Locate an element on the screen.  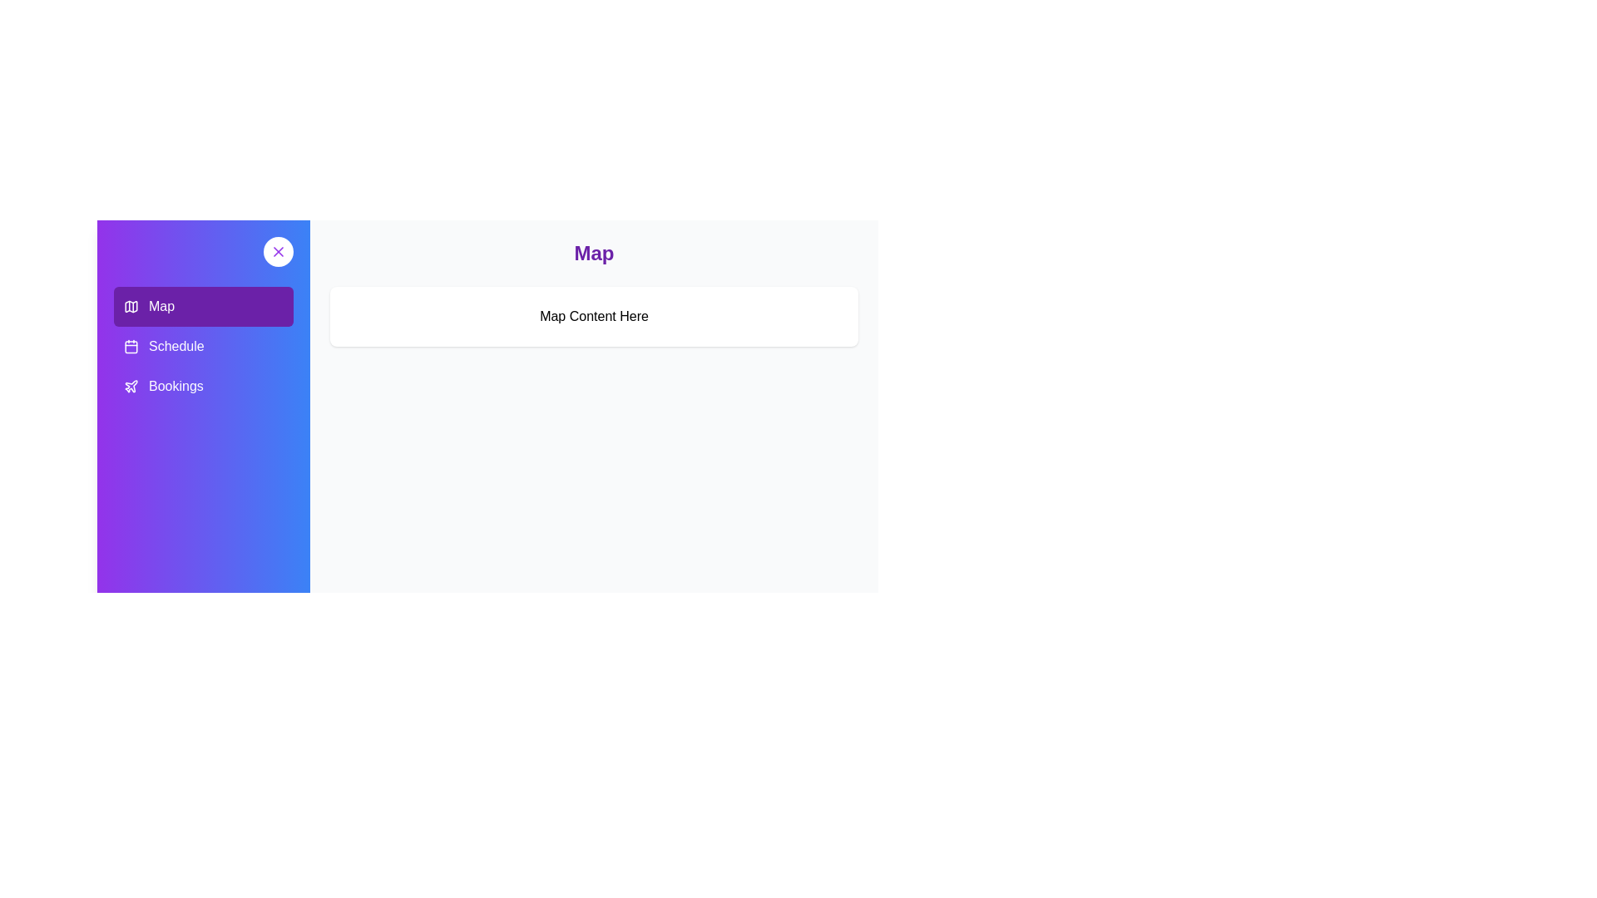
the Schedule tab by clicking on it is located at coordinates (202, 345).